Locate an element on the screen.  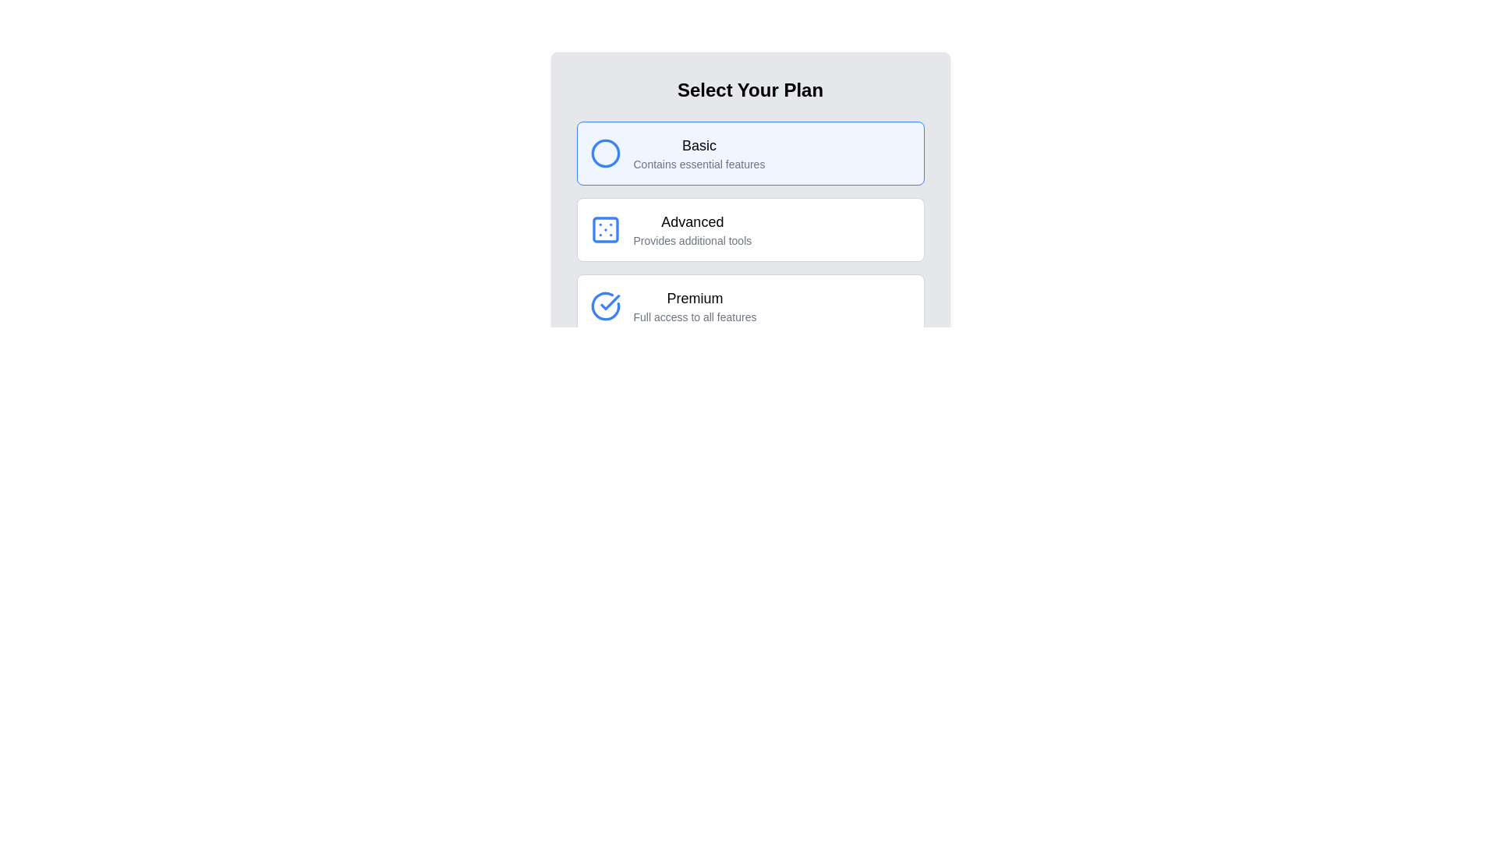
the top-left corner of the dice-shaped icon representing the 'Advanced' plan, which displays five dots is located at coordinates (604, 229).